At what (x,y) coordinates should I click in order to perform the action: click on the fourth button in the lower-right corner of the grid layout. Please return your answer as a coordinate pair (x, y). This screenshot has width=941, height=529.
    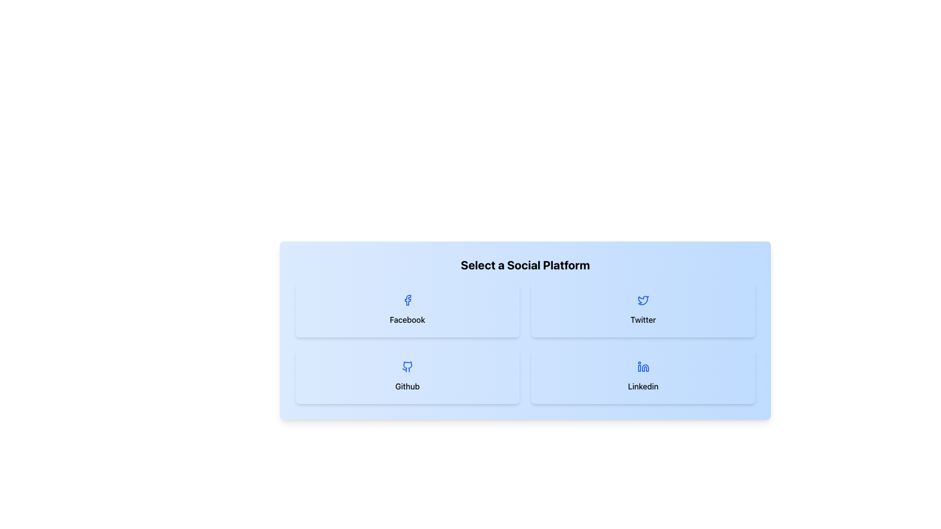
    Looking at the image, I should click on (643, 376).